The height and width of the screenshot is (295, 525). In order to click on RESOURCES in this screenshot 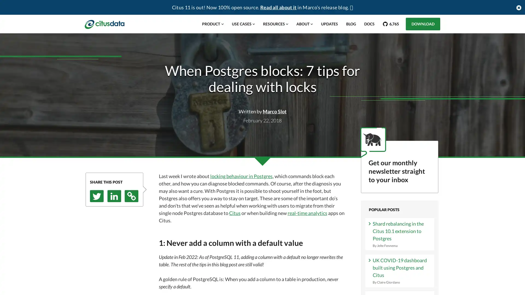, I will do `click(275, 24)`.